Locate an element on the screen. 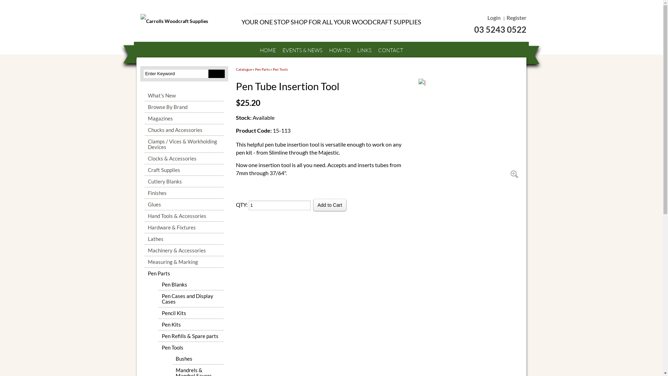 Image resolution: width=668 pixels, height=376 pixels. 'Pen Cases and Display Cases' is located at coordinates (191, 298).